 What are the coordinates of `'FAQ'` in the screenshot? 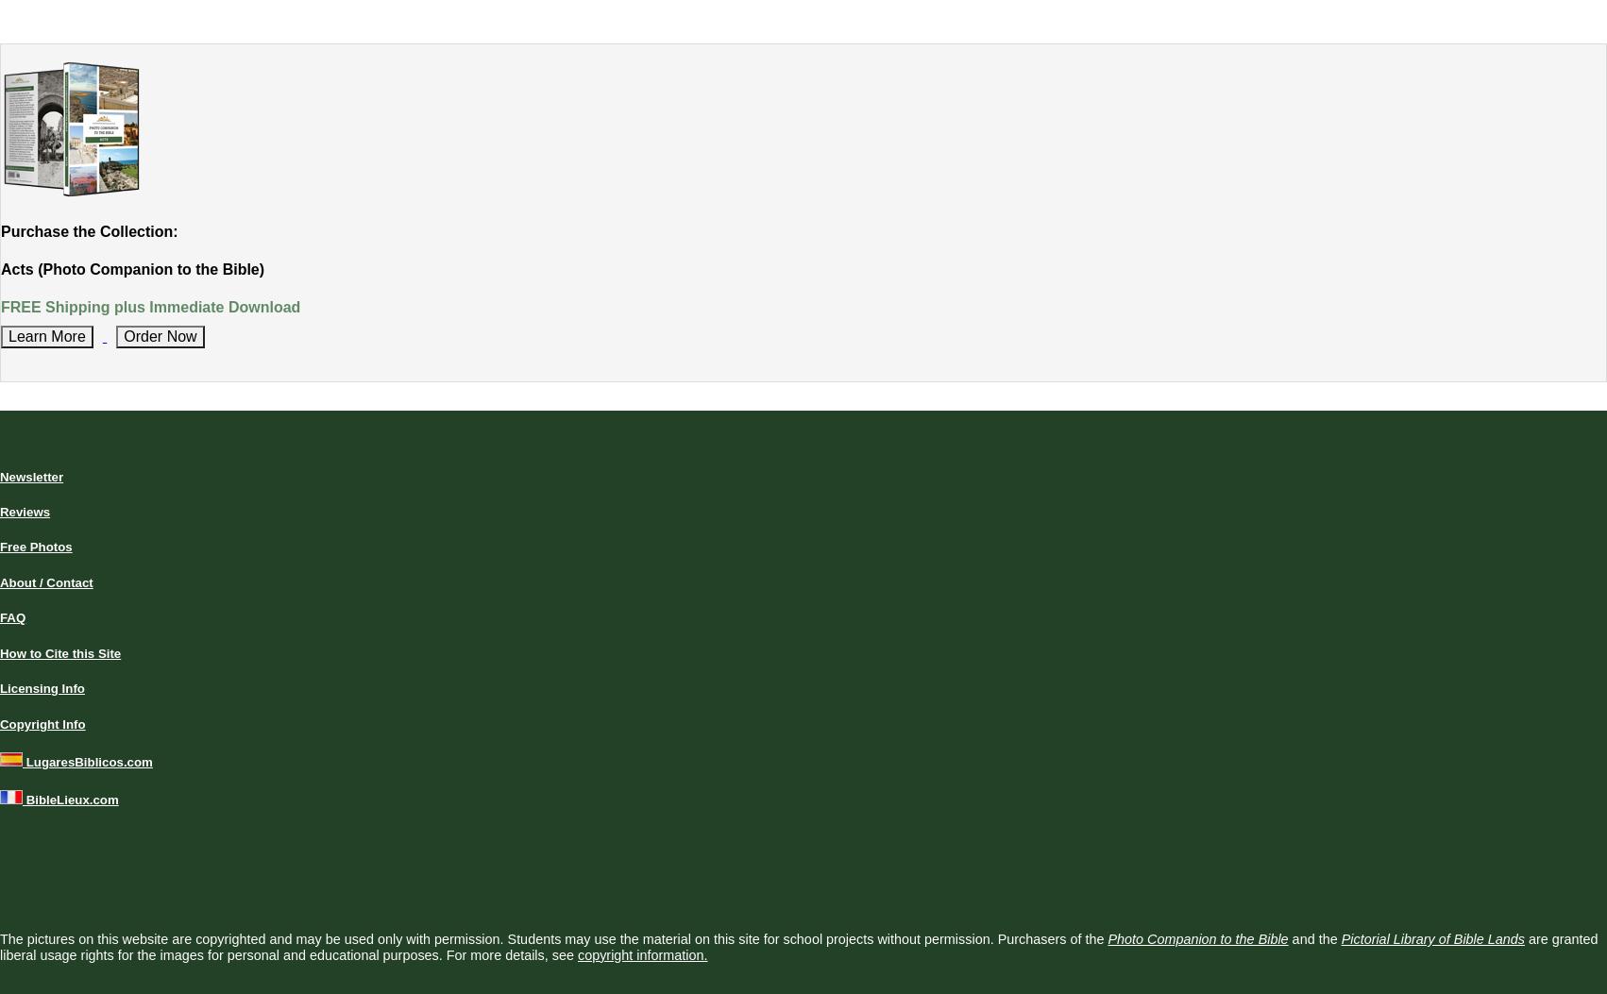 It's located at (12, 616).